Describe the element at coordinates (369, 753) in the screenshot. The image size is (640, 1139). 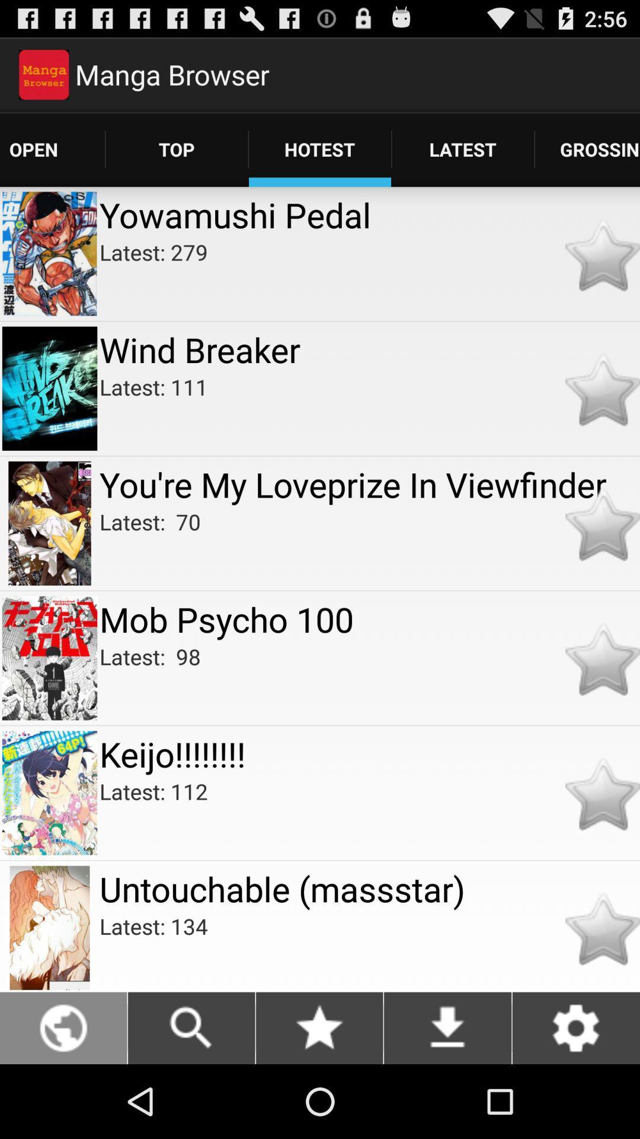
I see `keijo!!!!!!!! app` at that location.